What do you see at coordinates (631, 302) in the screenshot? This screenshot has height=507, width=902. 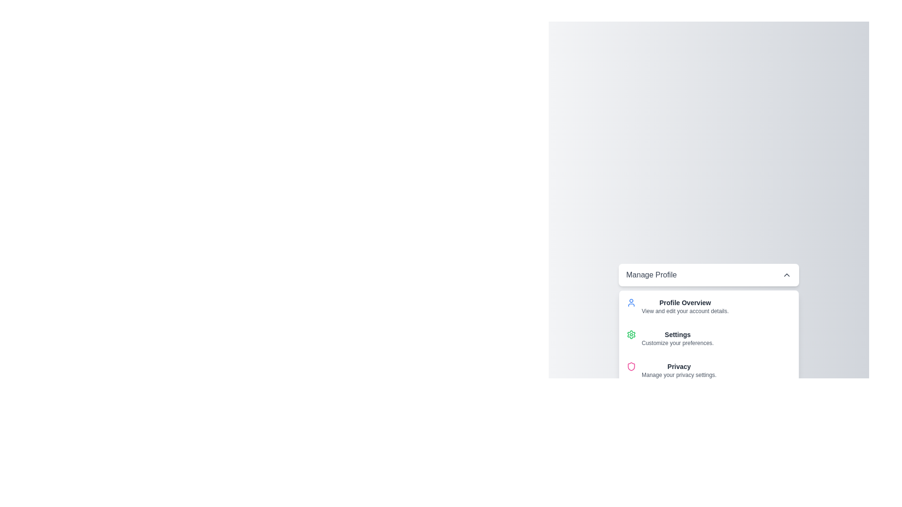 I see `the user avatar icon` at bounding box center [631, 302].